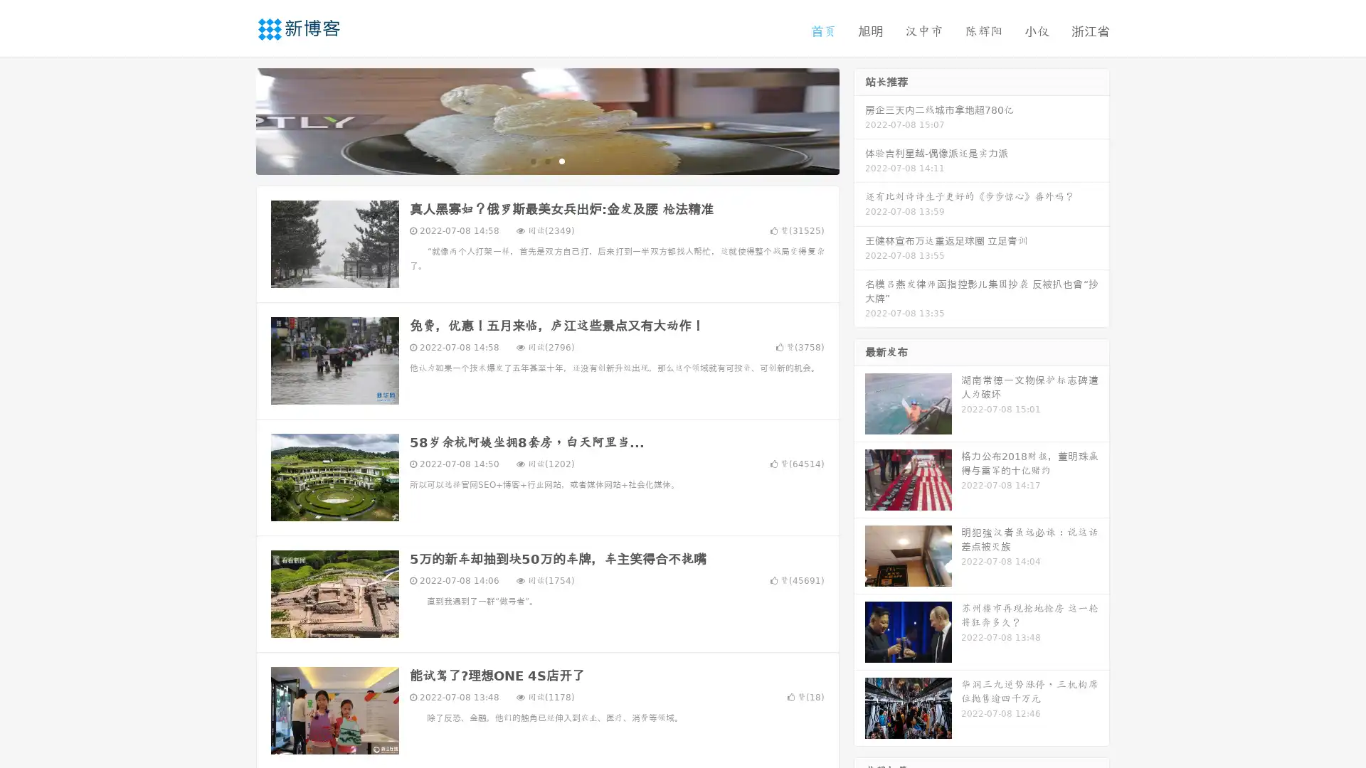 This screenshot has height=768, width=1366. Describe the element at coordinates (532, 160) in the screenshot. I see `Go to slide 1` at that location.